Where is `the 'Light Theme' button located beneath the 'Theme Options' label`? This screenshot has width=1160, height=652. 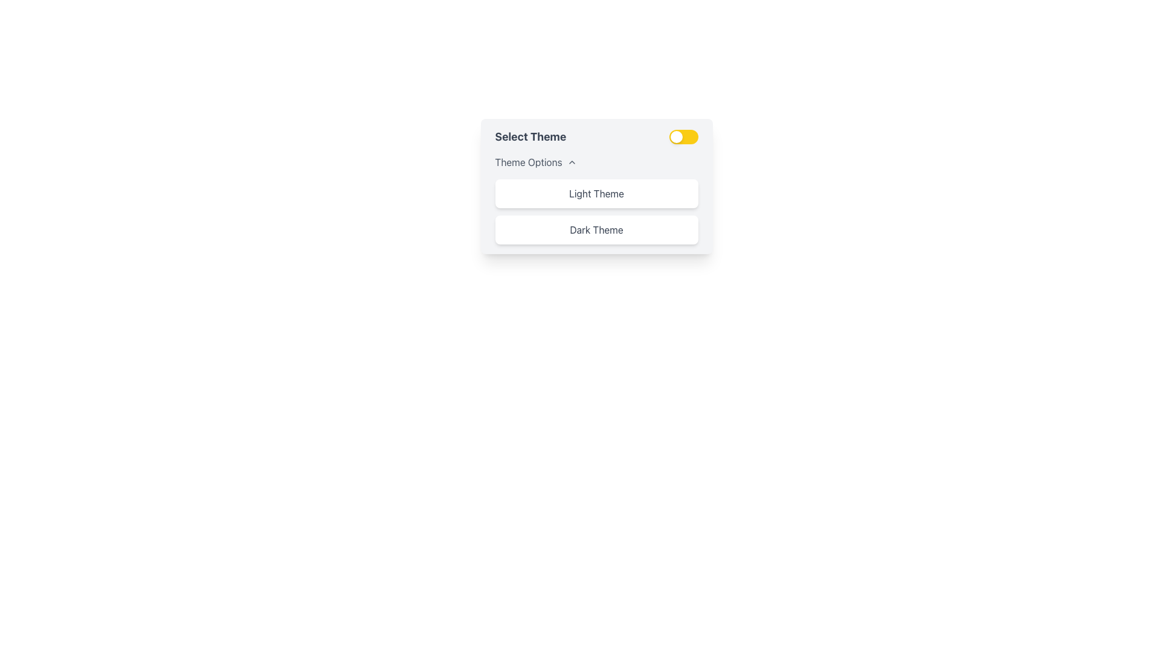
the 'Light Theme' button located beneath the 'Theme Options' label is located at coordinates (596, 193).